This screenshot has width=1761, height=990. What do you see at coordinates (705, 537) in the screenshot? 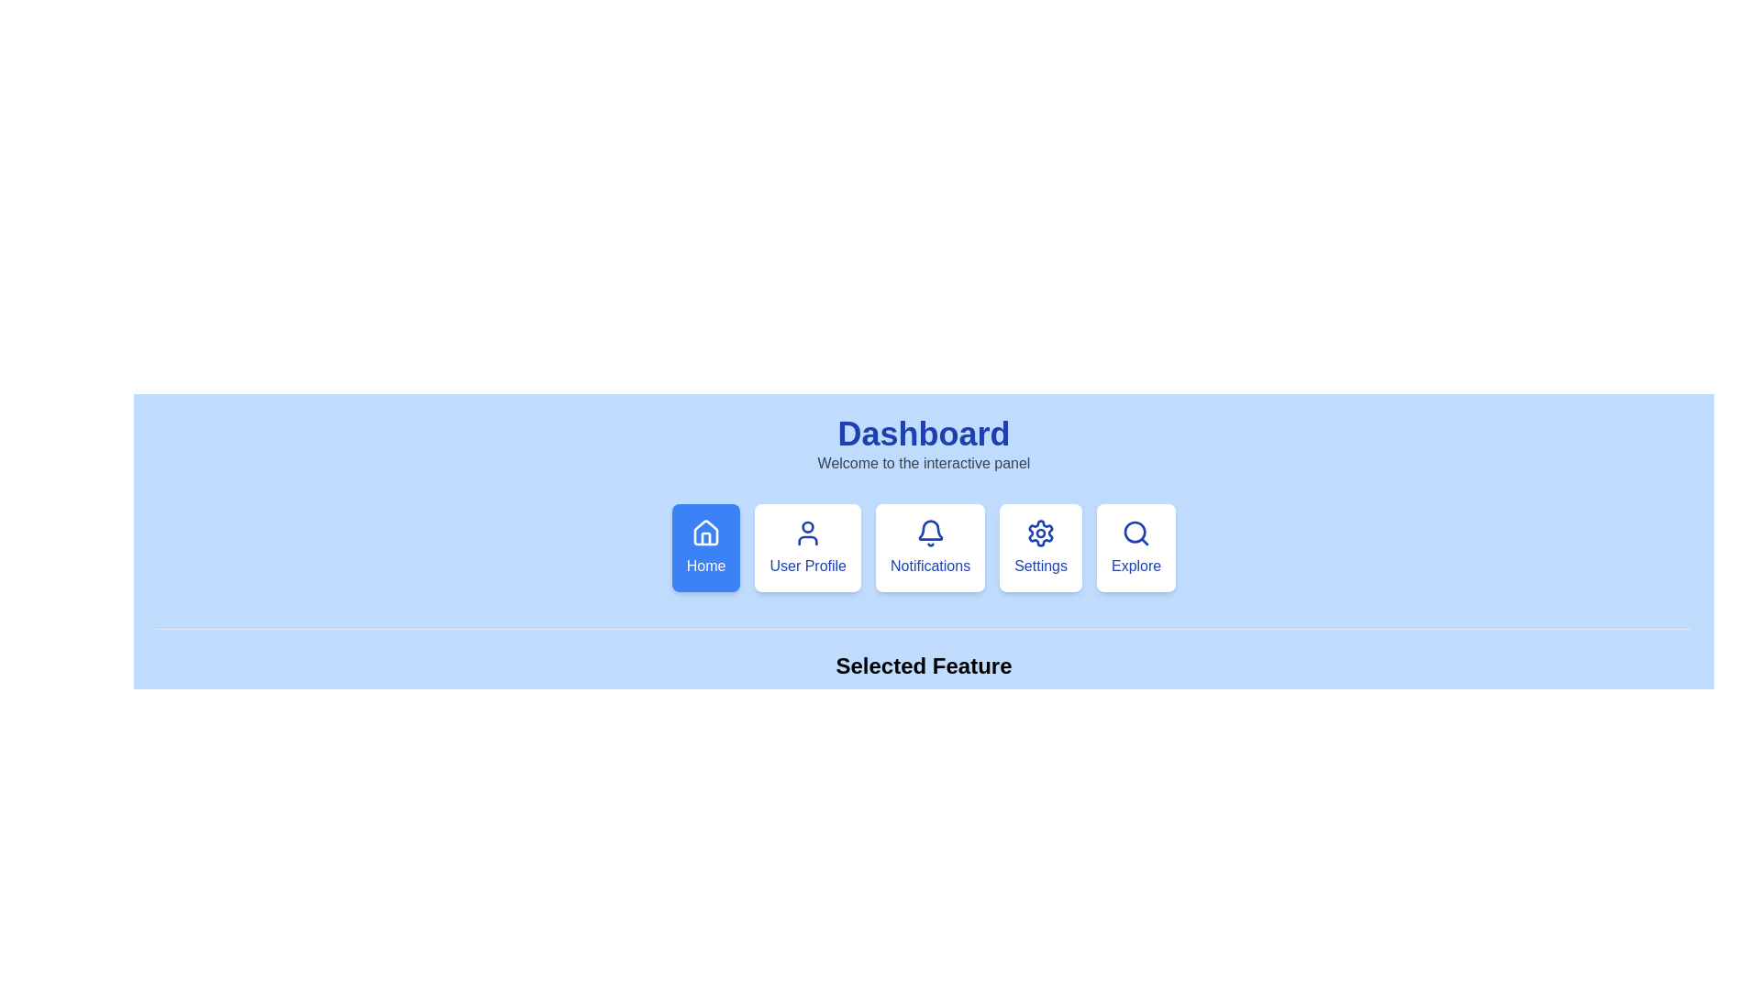
I see `the decorative component of the 'Home' icon, which simulates a doorway within the house symbol, located in the lower half of the icon` at bounding box center [705, 537].